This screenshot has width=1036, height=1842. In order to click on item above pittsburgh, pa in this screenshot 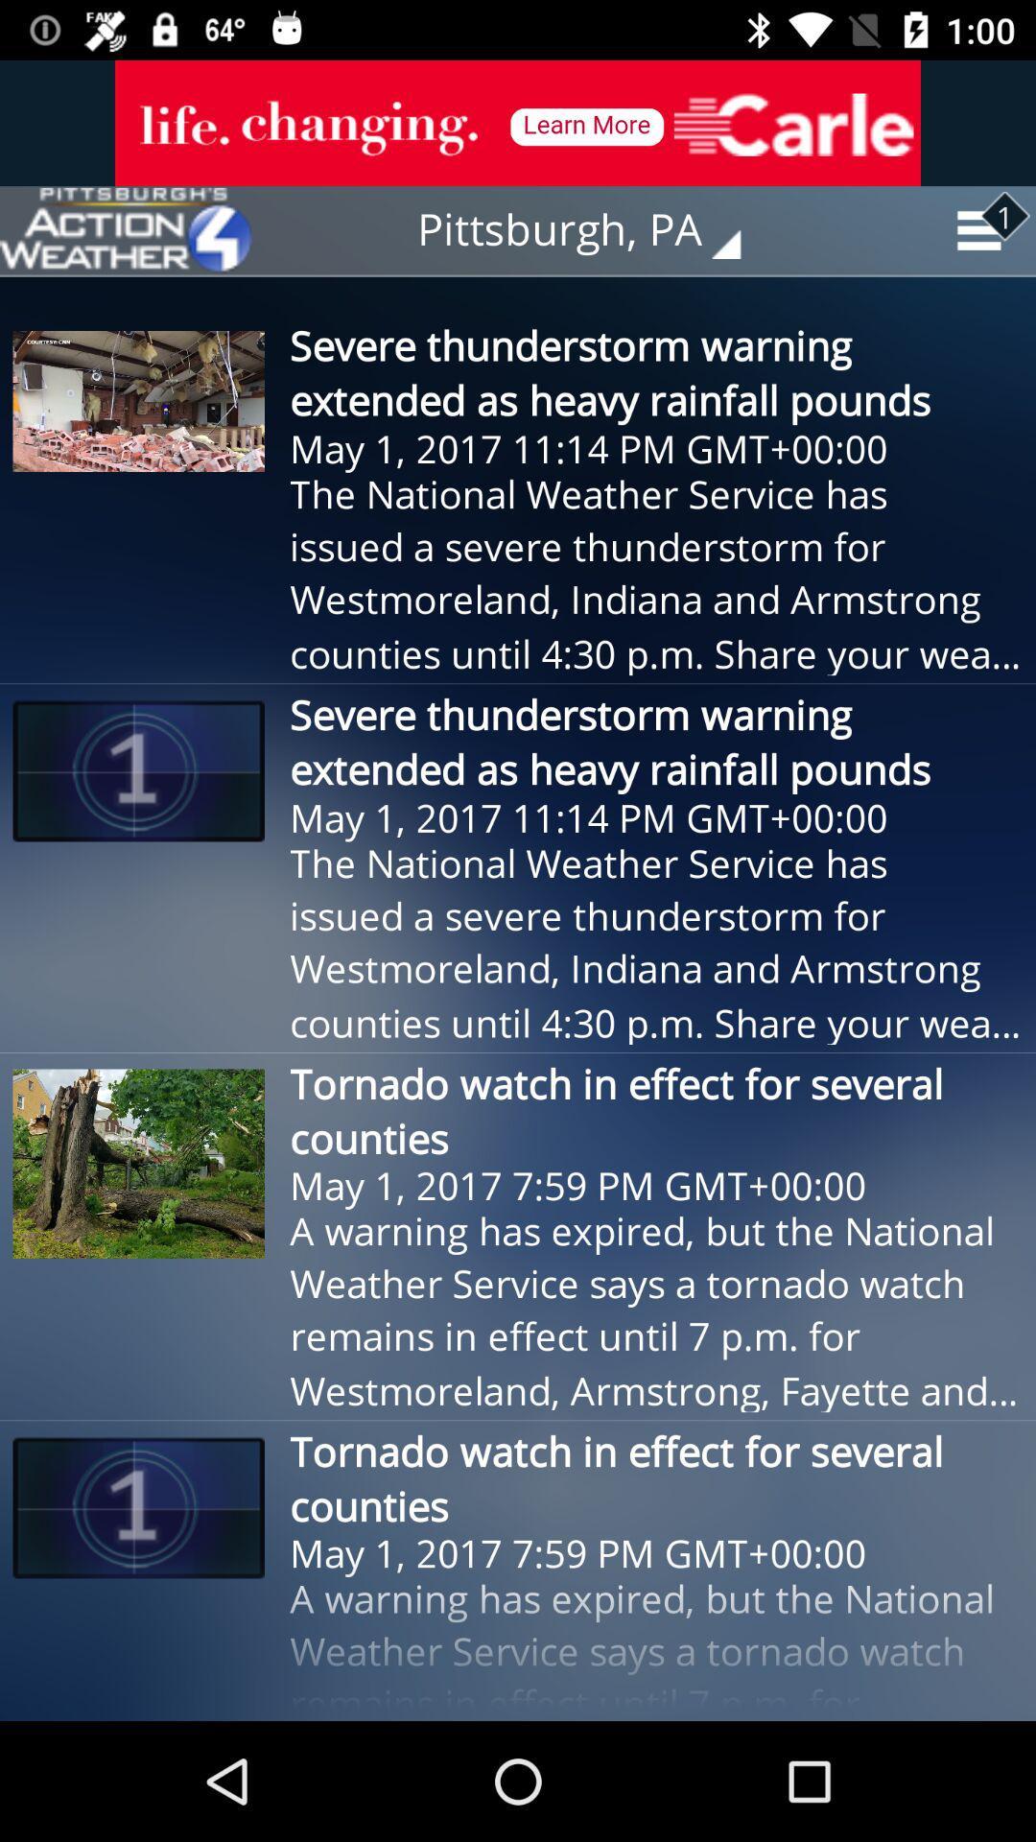, I will do `click(518, 122)`.